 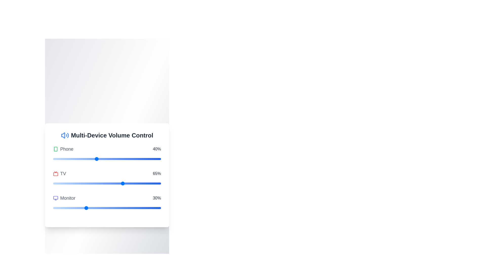 What do you see at coordinates (53, 158) in the screenshot?
I see `the volume slider` at bounding box center [53, 158].